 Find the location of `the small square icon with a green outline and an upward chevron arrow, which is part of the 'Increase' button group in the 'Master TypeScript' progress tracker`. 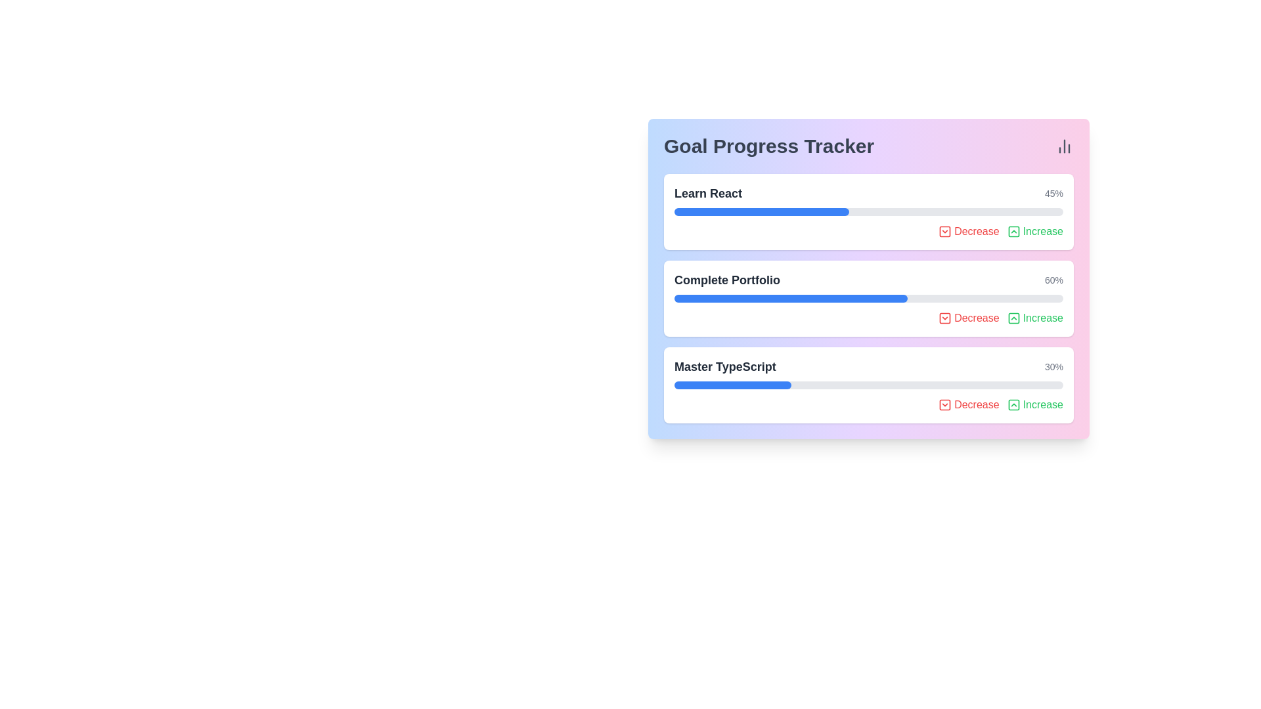

the small square icon with a green outline and an upward chevron arrow, which is part of the 'Increase' button group in the 'Master TypeScript' progress tracker is located at coordinates (1013, 404).